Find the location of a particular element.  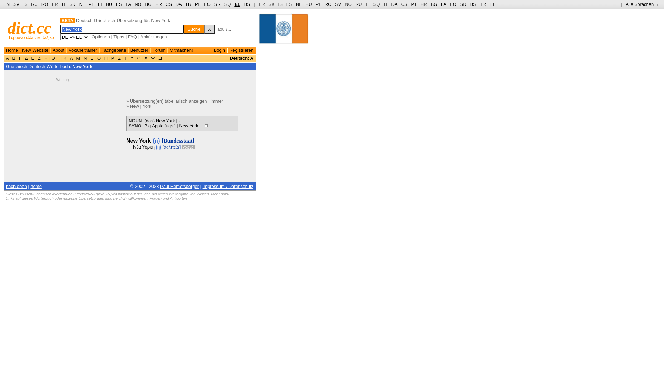

'Forum' is located at coordinates (159, 50).